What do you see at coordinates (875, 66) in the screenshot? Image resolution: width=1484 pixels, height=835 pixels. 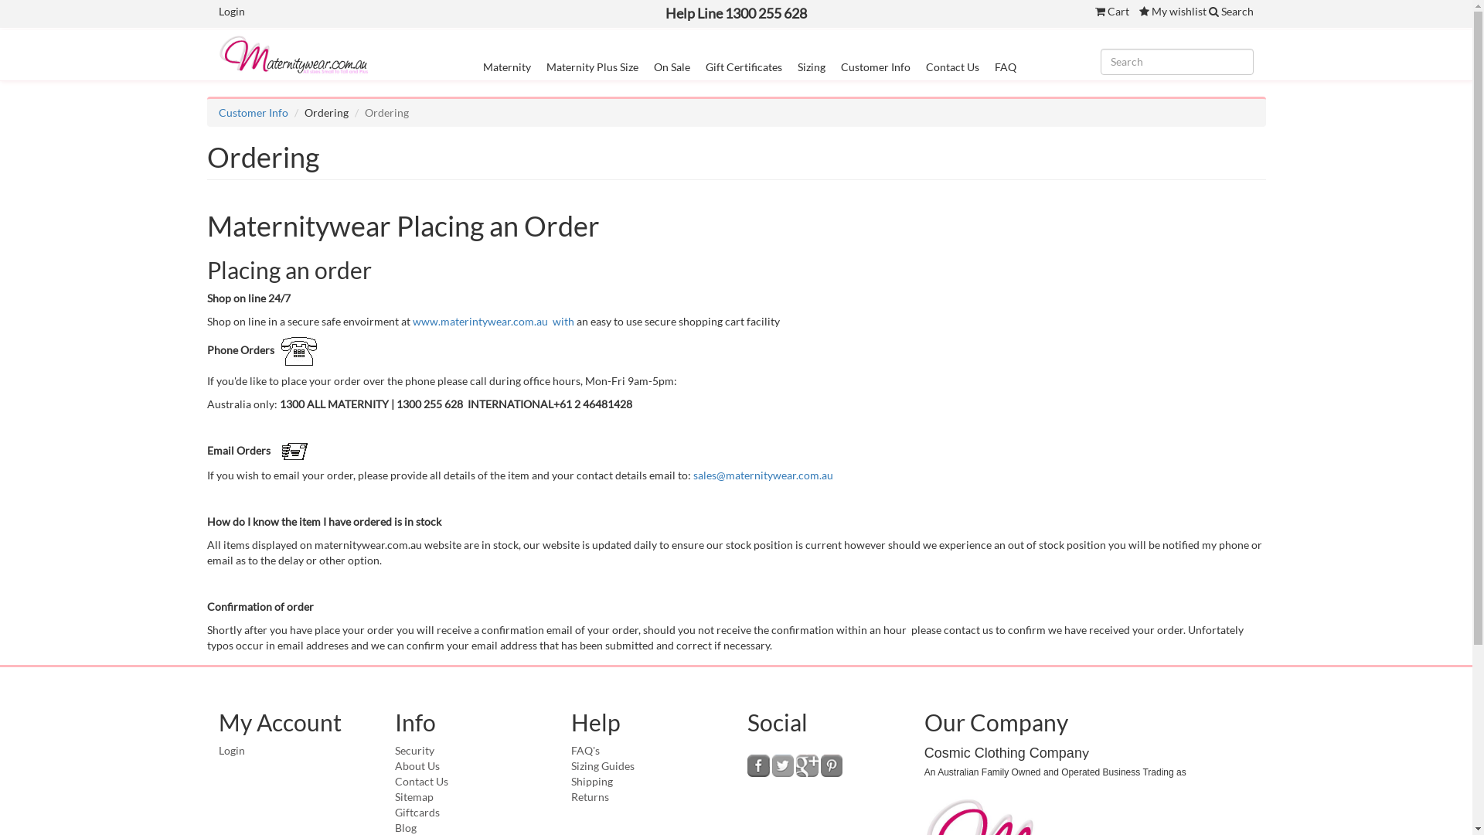 I see `'Customer Info'` at bounding box center [875, 66].